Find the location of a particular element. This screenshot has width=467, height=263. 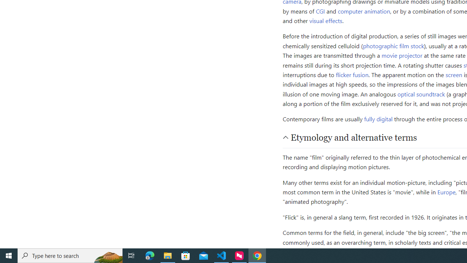

'Europe' is located at coordinates (446, 191).